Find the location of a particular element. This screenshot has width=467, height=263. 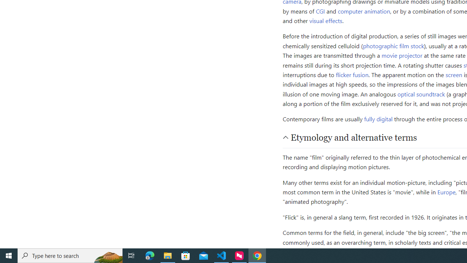

'Europe' is located at coordinates (446, 191).